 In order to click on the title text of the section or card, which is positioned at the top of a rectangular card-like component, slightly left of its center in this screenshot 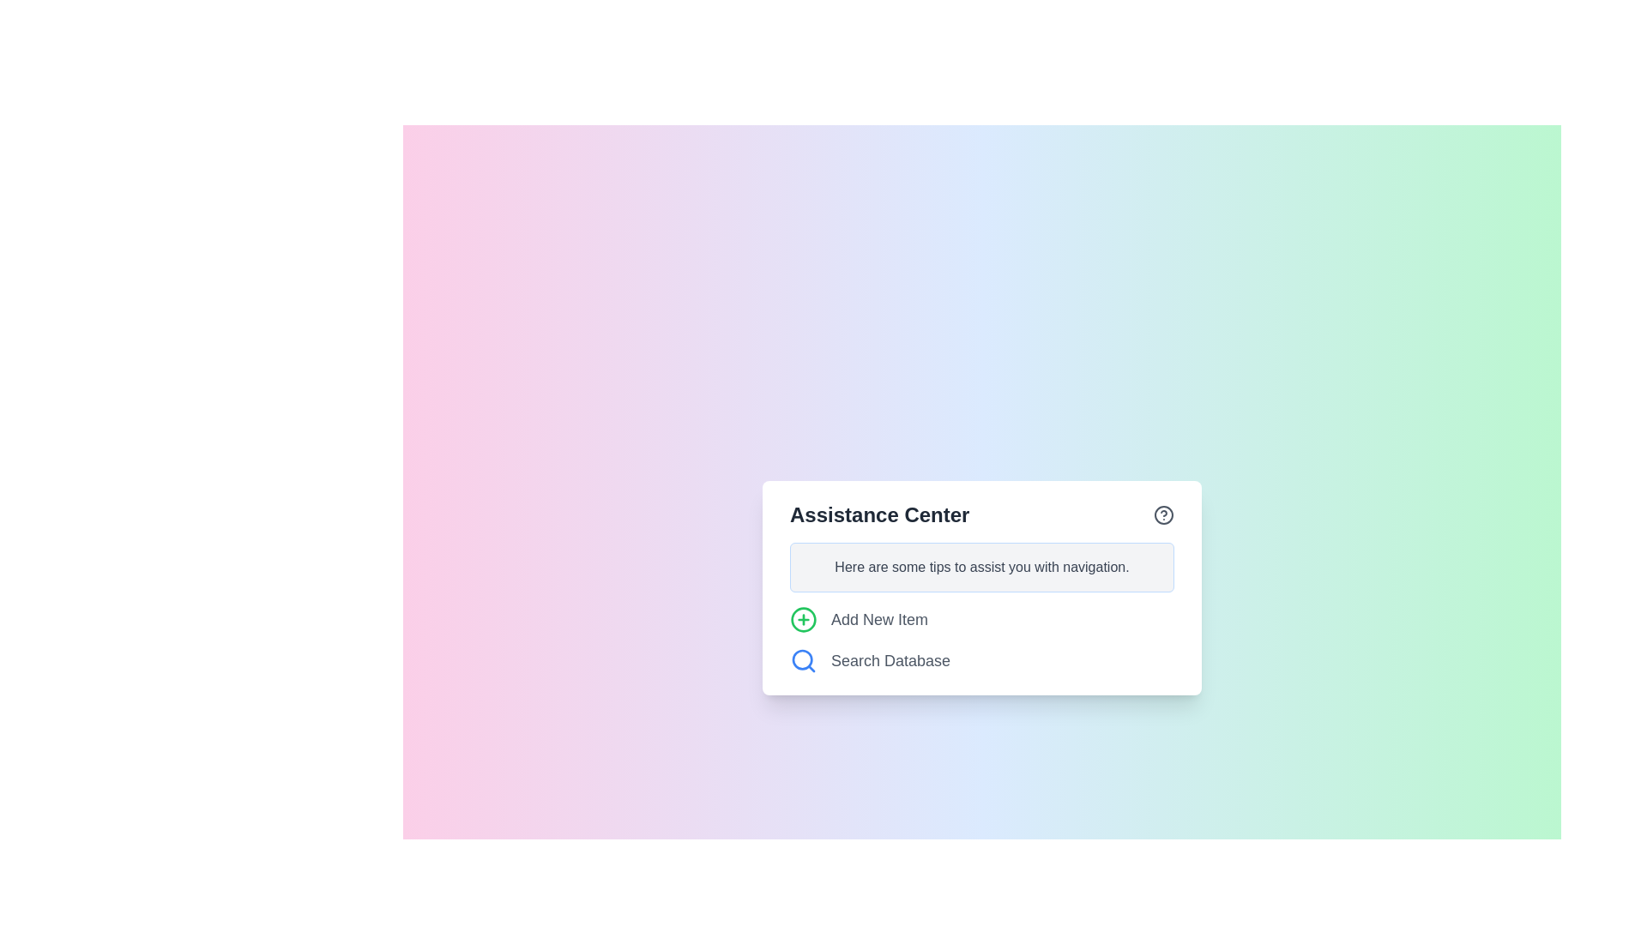, I will do `click(879, 514)`.